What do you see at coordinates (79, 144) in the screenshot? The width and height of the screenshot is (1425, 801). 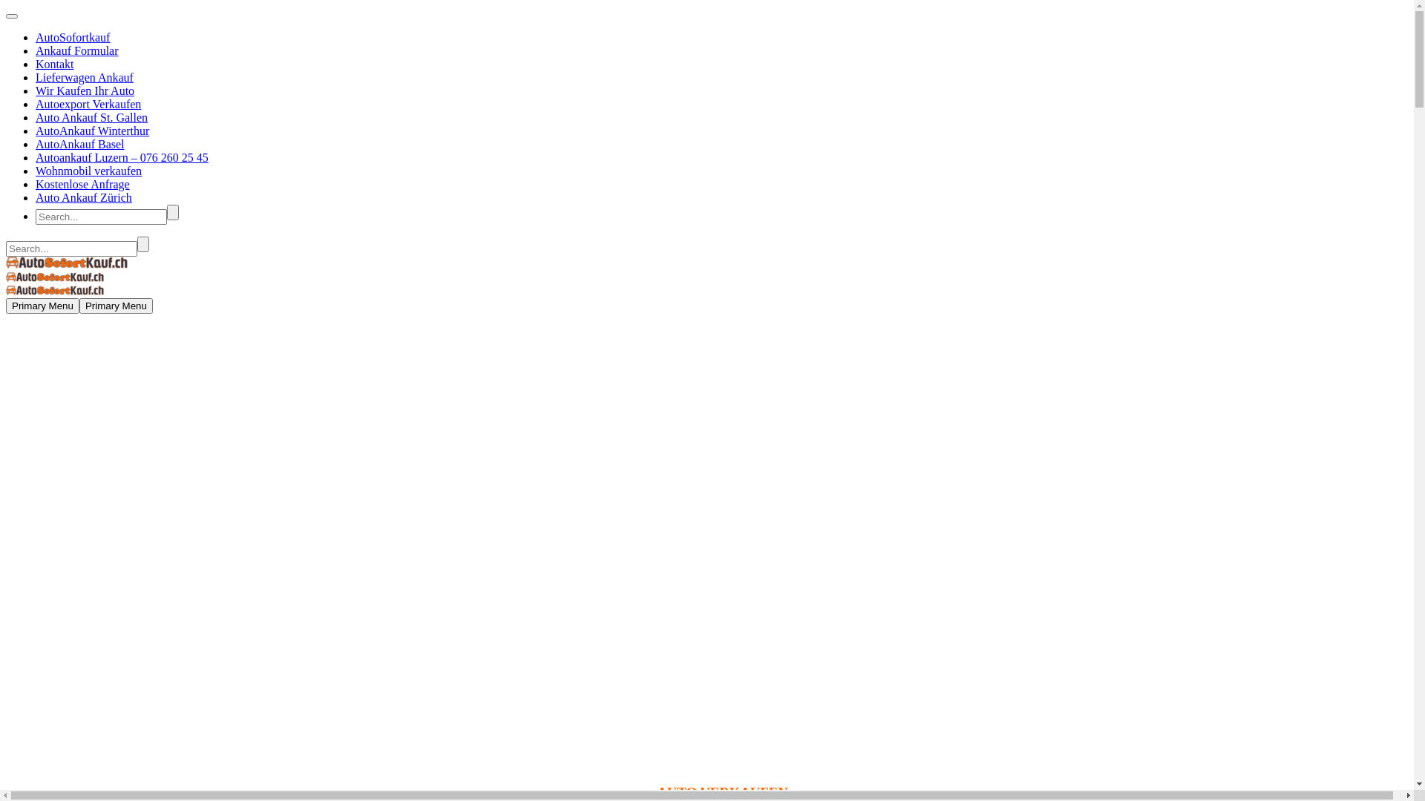 I see `'AutoAnkauf Basel'` at bounding box center [79, 144].